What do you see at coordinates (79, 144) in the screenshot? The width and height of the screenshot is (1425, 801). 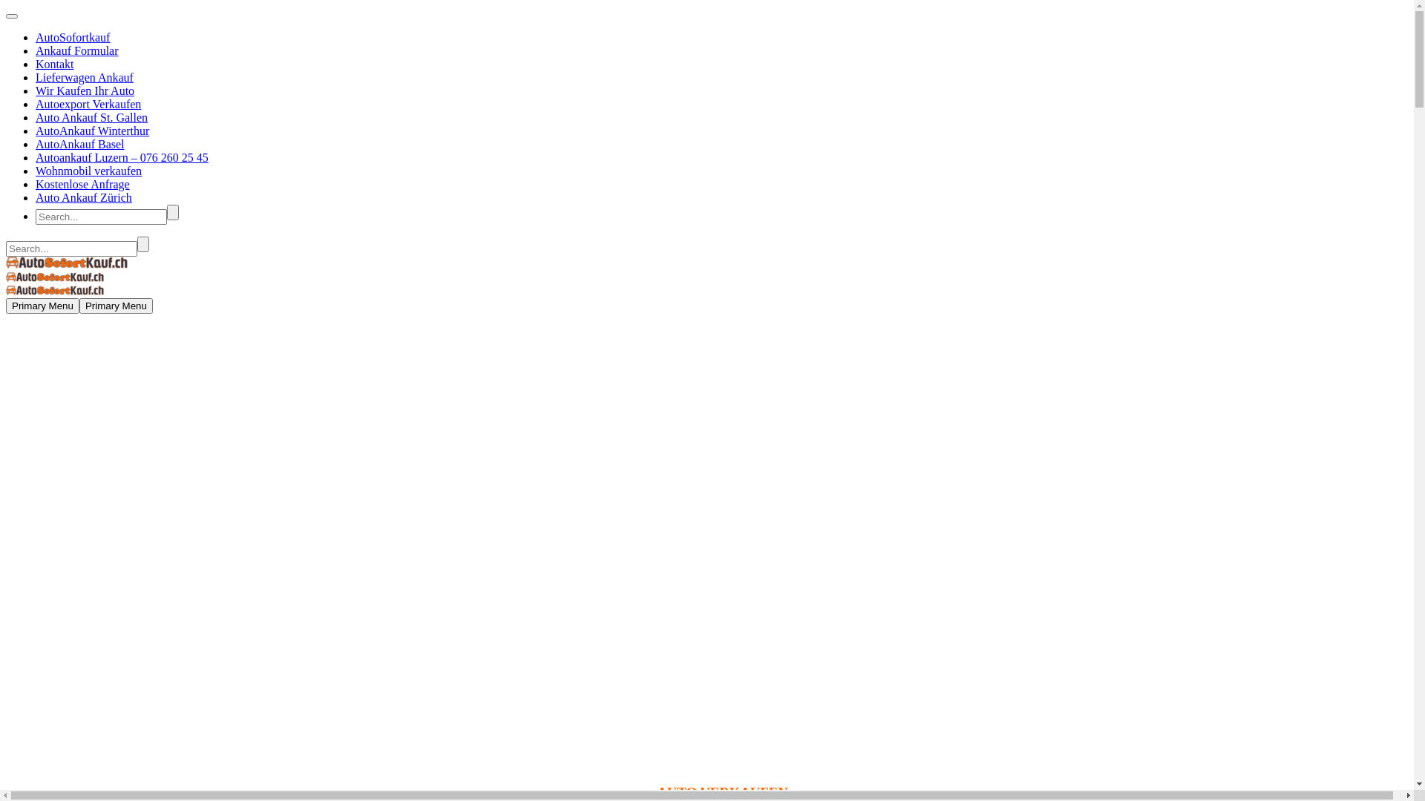 I see `'AutoAnkauf Basel'` at bounding box center [79, 144].